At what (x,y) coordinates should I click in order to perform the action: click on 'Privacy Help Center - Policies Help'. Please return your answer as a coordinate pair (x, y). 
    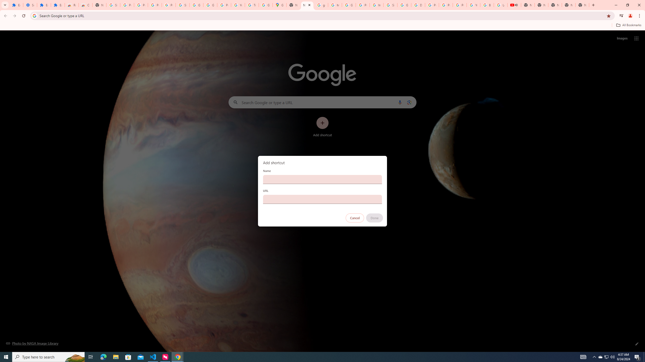
    Looking at the image, I should click on (431, 5).